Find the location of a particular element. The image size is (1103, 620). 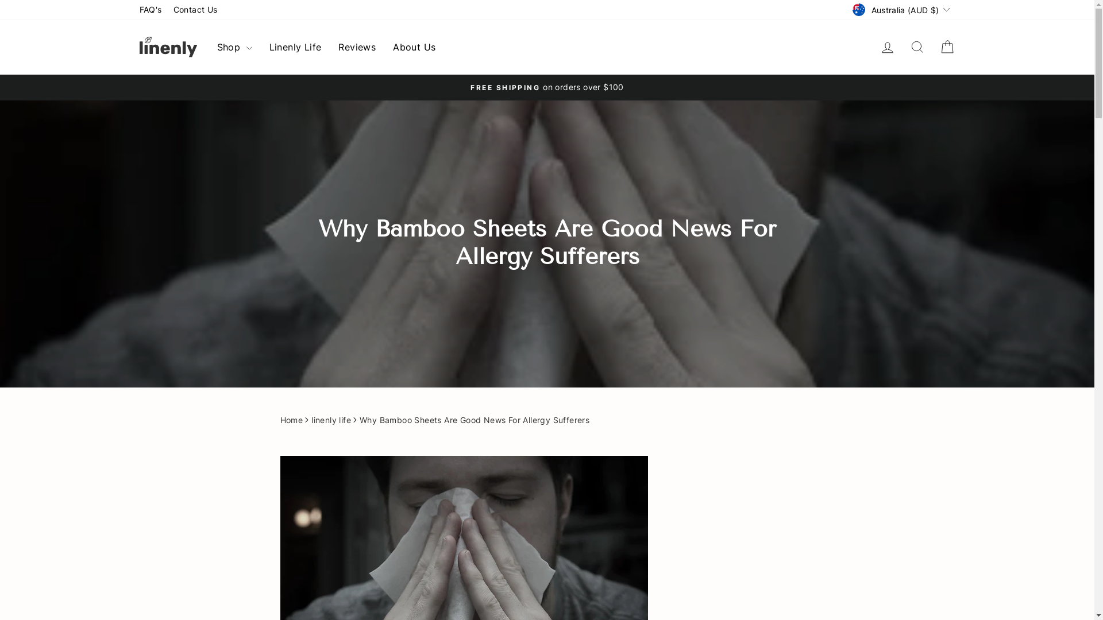

'Contact Us' is located at coordinates (195, 9).